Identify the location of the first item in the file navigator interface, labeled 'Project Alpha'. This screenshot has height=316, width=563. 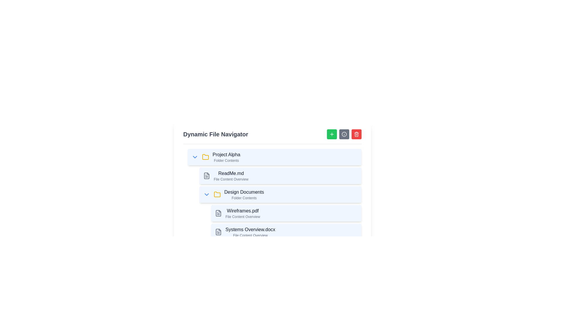
(274, 157).